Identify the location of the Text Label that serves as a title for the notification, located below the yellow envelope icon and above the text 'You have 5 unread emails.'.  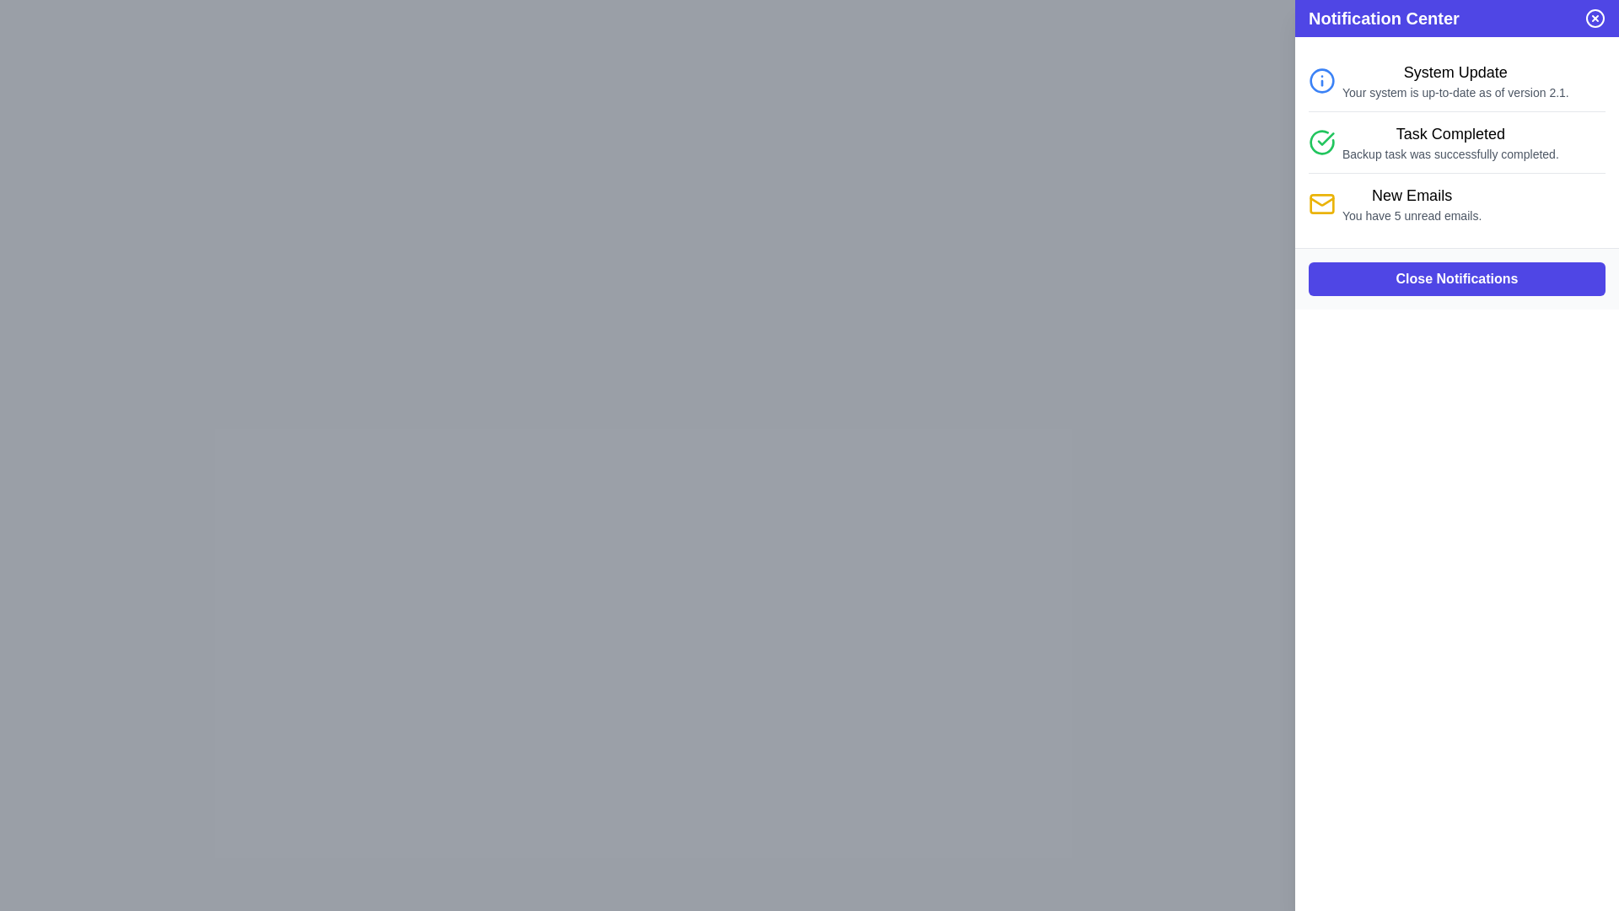
(1412, 194).